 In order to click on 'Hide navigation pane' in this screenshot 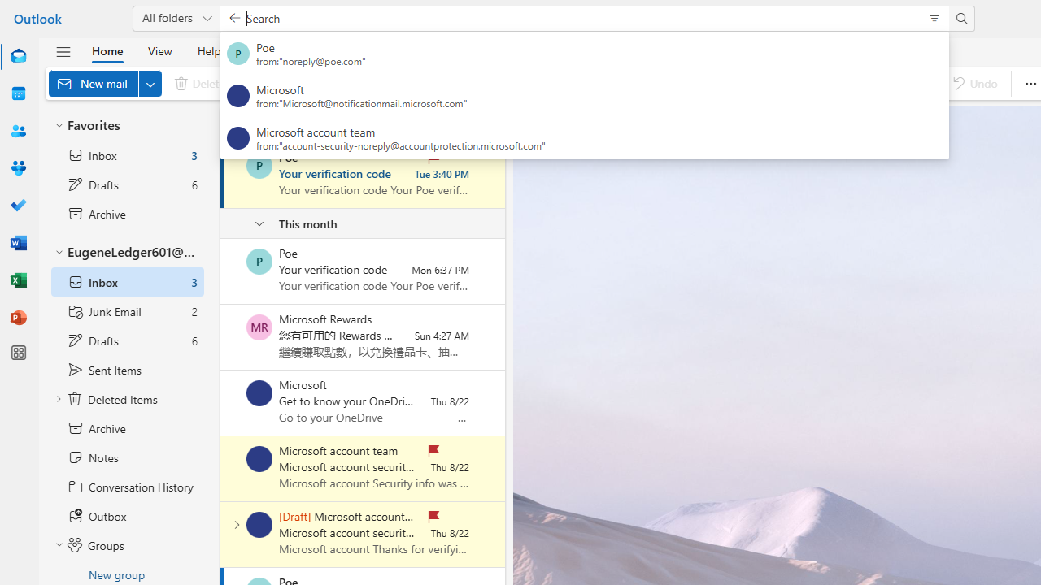, I will do `click(63, 50)`.